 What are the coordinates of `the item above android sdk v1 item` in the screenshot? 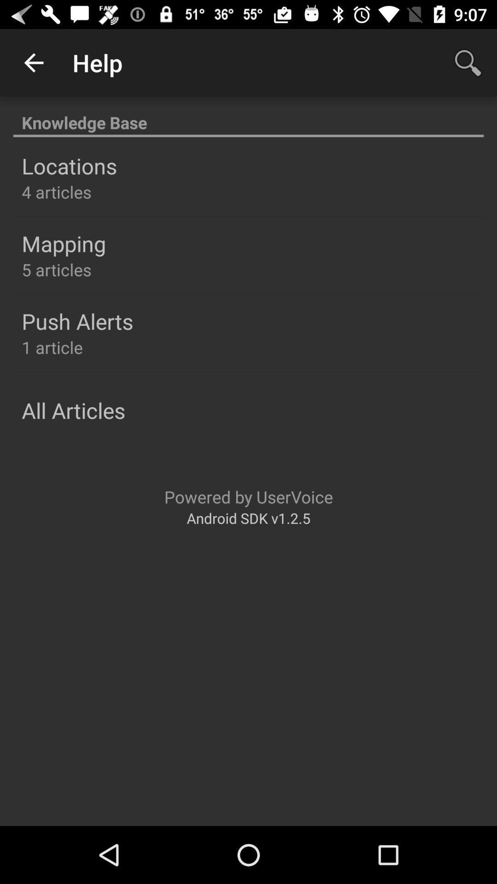 It's located at (248, 496).